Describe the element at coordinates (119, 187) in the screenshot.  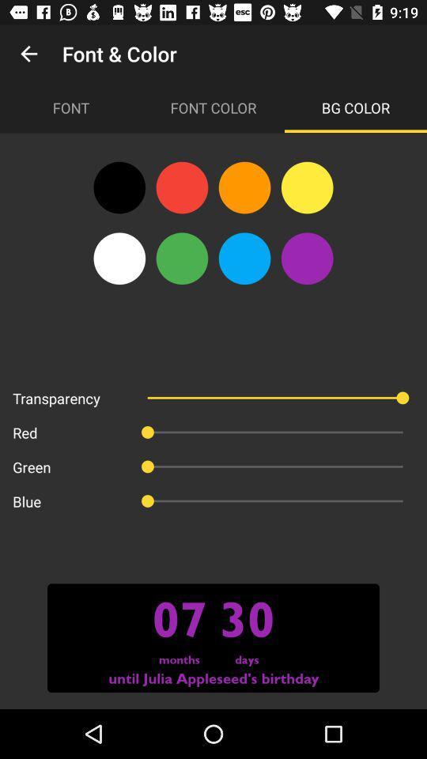
I see `the black color above white color` at that location.